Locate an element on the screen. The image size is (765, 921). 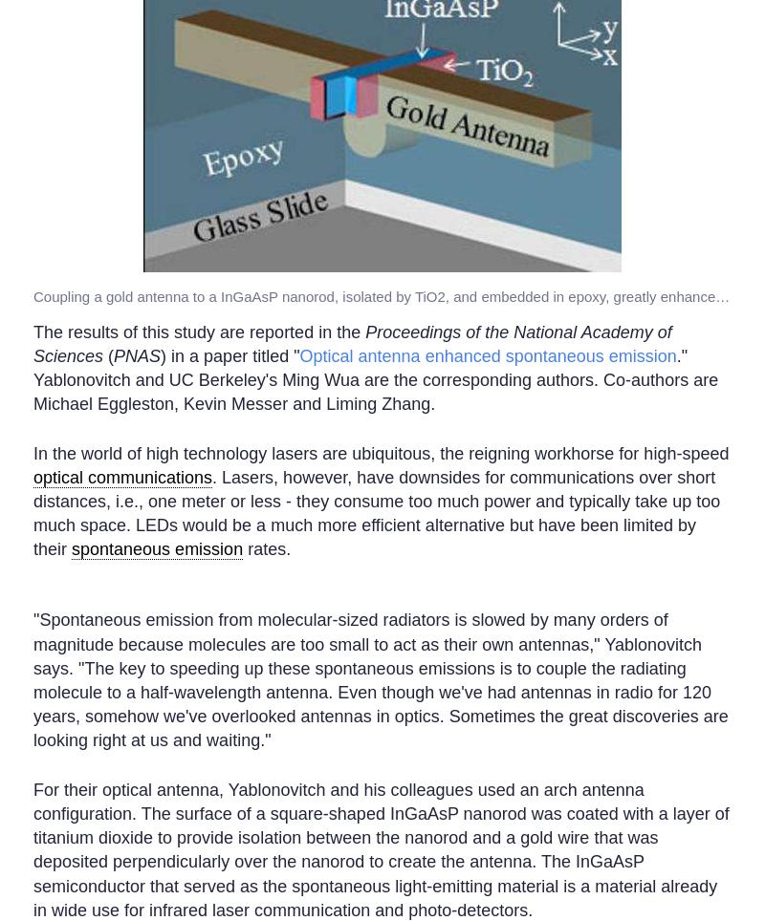
'rates.' is located at coordinates (242, 548).